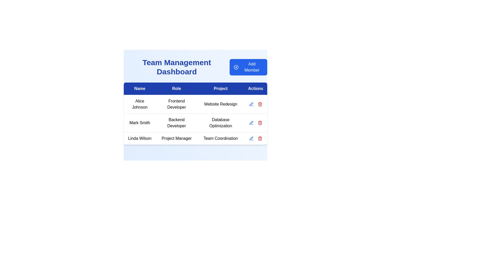  Describe the element at coordinates (260, 123) in the screenshot. I see `the trash bin icon in the 'Actions' column of the second row` at that location.